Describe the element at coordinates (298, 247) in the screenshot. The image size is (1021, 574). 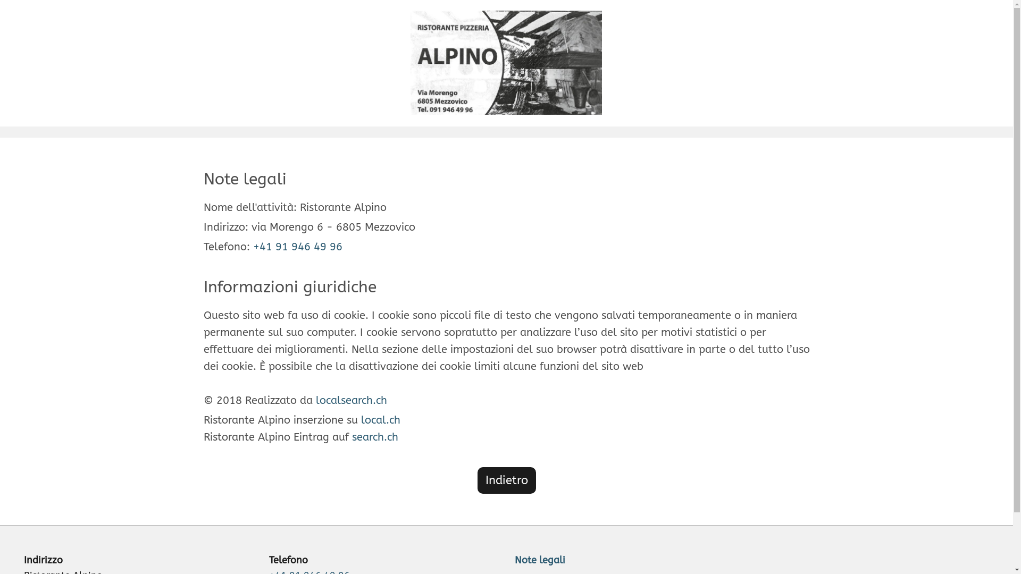
I see `'+41 91 946 49 96'` at that location.